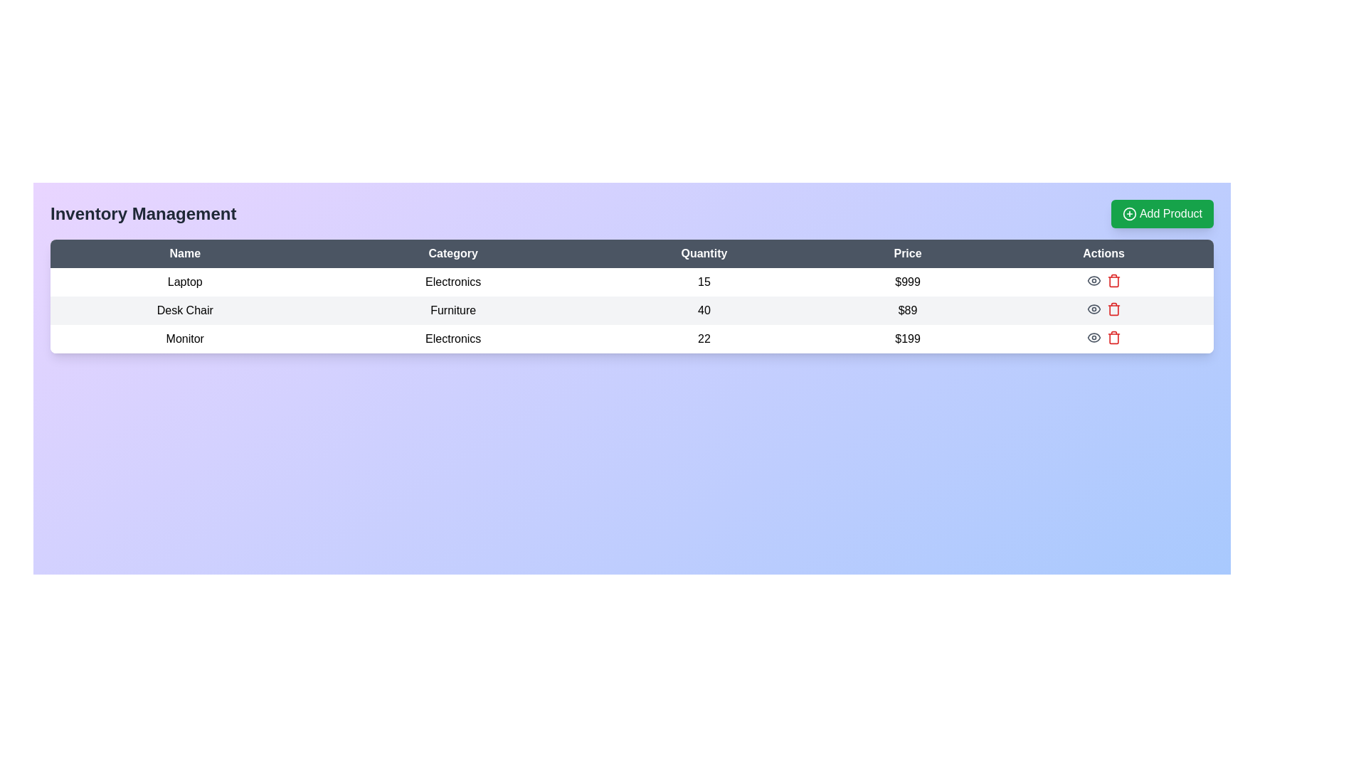 The width and height of the screenshot is (1366, 768). What do you see at coordinates (1112, 280) in the screenshot?
I see `the interactive red trash icon located in the 'Actions' column of the first row of the tabular interface` at bounding box center [1112, 280].